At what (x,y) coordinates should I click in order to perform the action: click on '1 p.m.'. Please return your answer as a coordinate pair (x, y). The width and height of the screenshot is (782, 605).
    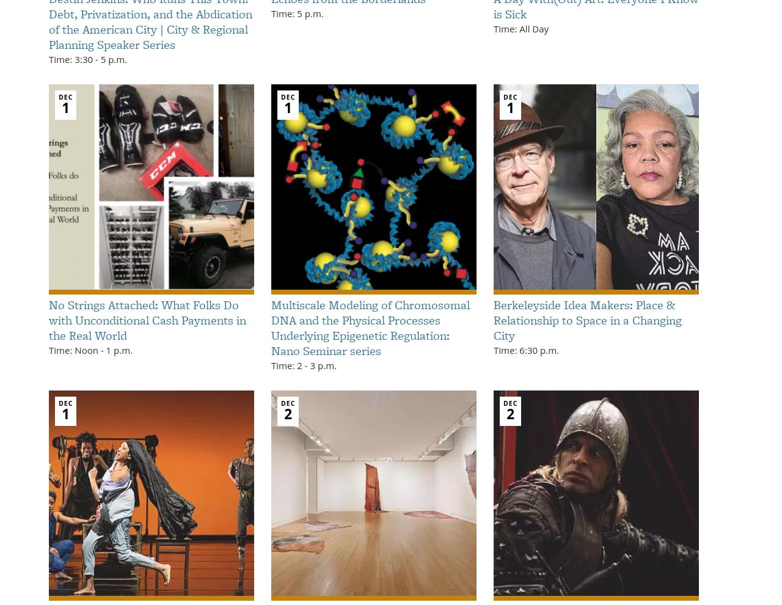
    Looking at the image, I should click on (118, 350).